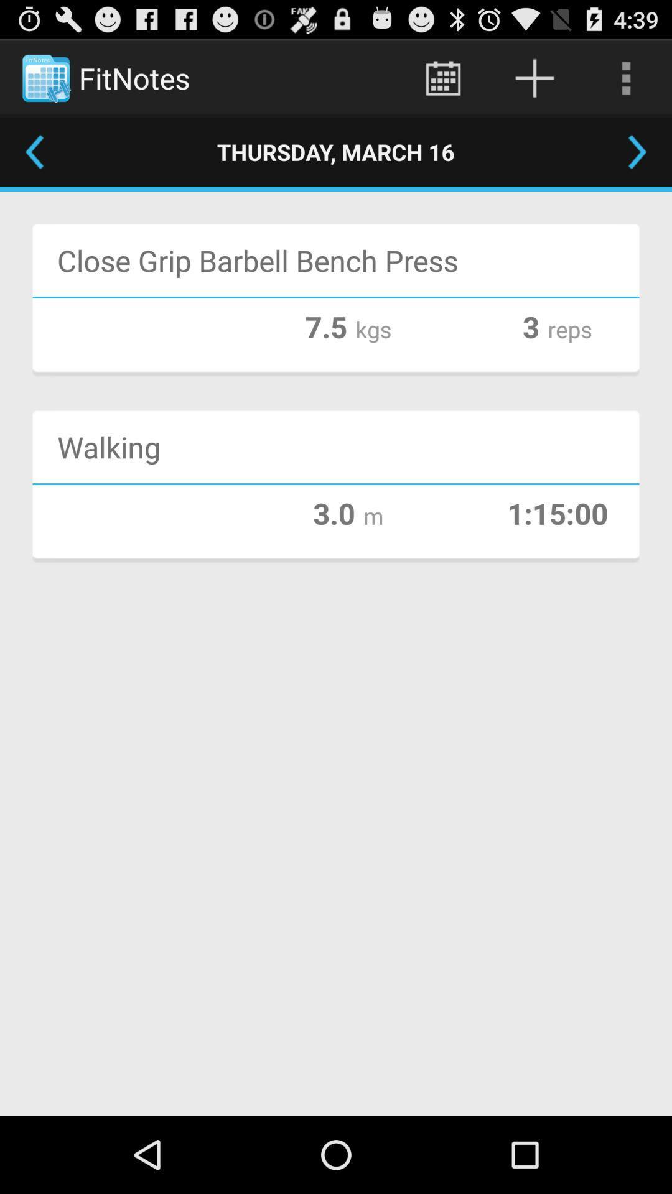  What do you see at coordinates (637, 162) in the screenshot?
I see `the arrow_forward icon` at bounding box center [637, 162].